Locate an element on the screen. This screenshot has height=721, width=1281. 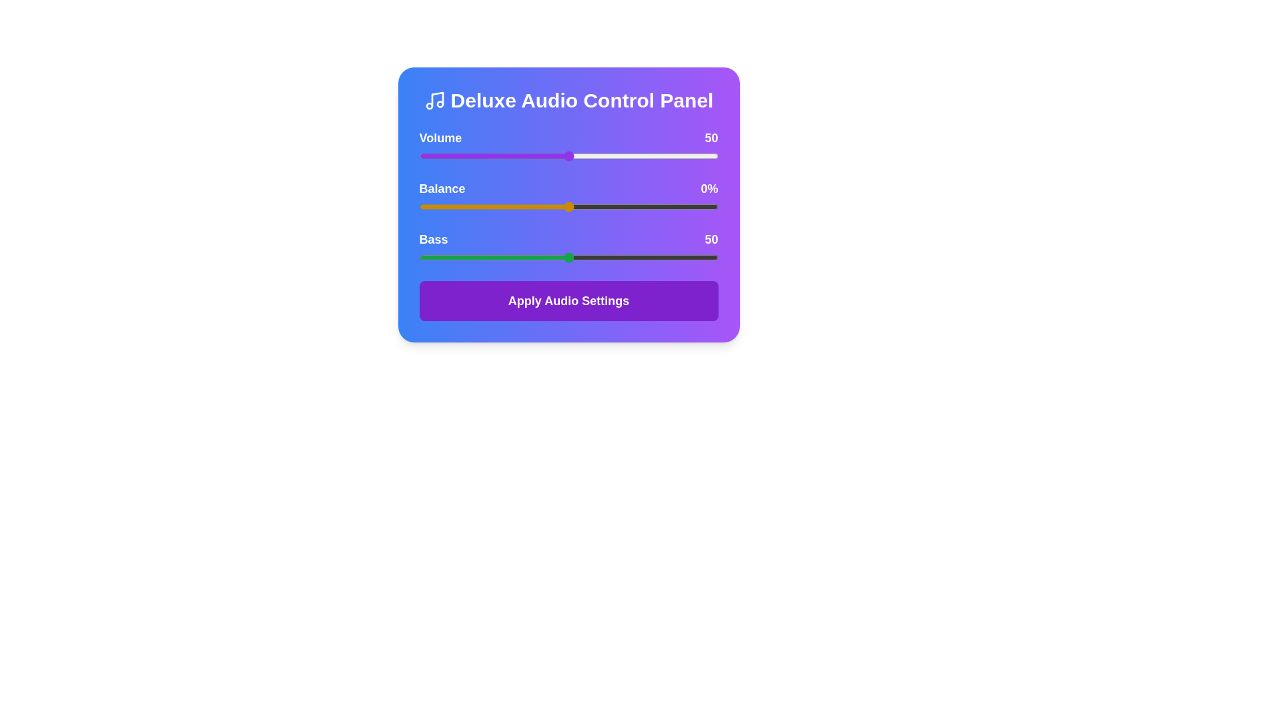
bass level is located at coordinates (667, 257).